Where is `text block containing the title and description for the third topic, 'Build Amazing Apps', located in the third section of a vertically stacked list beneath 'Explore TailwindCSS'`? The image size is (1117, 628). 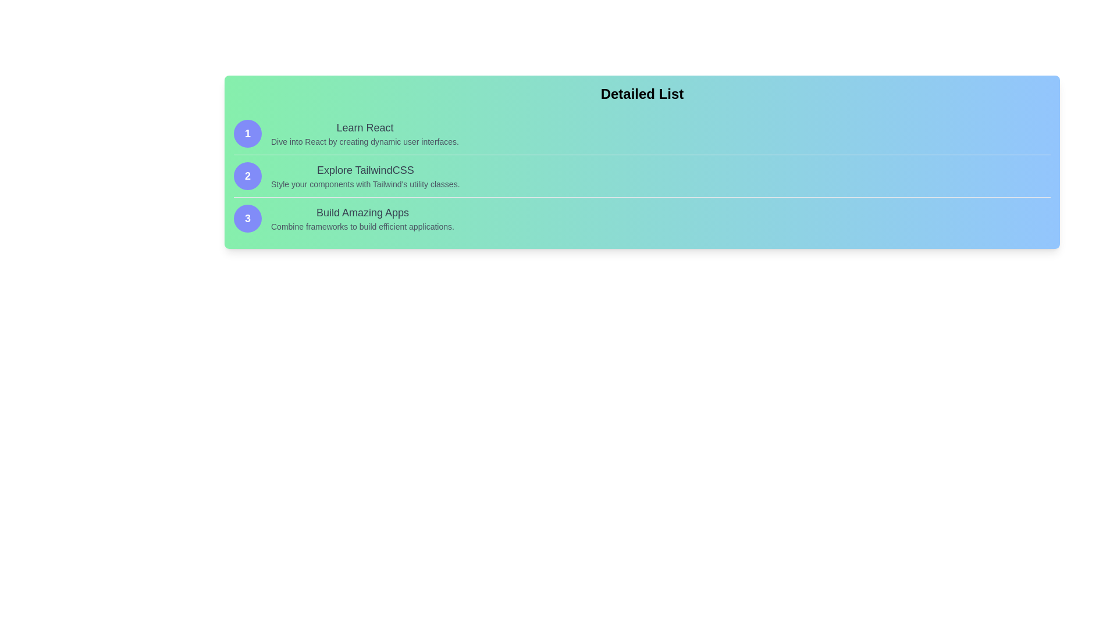 text block containing the title and description for the third topic, 'Build Amazing Apps', located in the third section of a vertically stacked list beneath 'Explore TailwindCSS' is located at coordinates (362, 218).